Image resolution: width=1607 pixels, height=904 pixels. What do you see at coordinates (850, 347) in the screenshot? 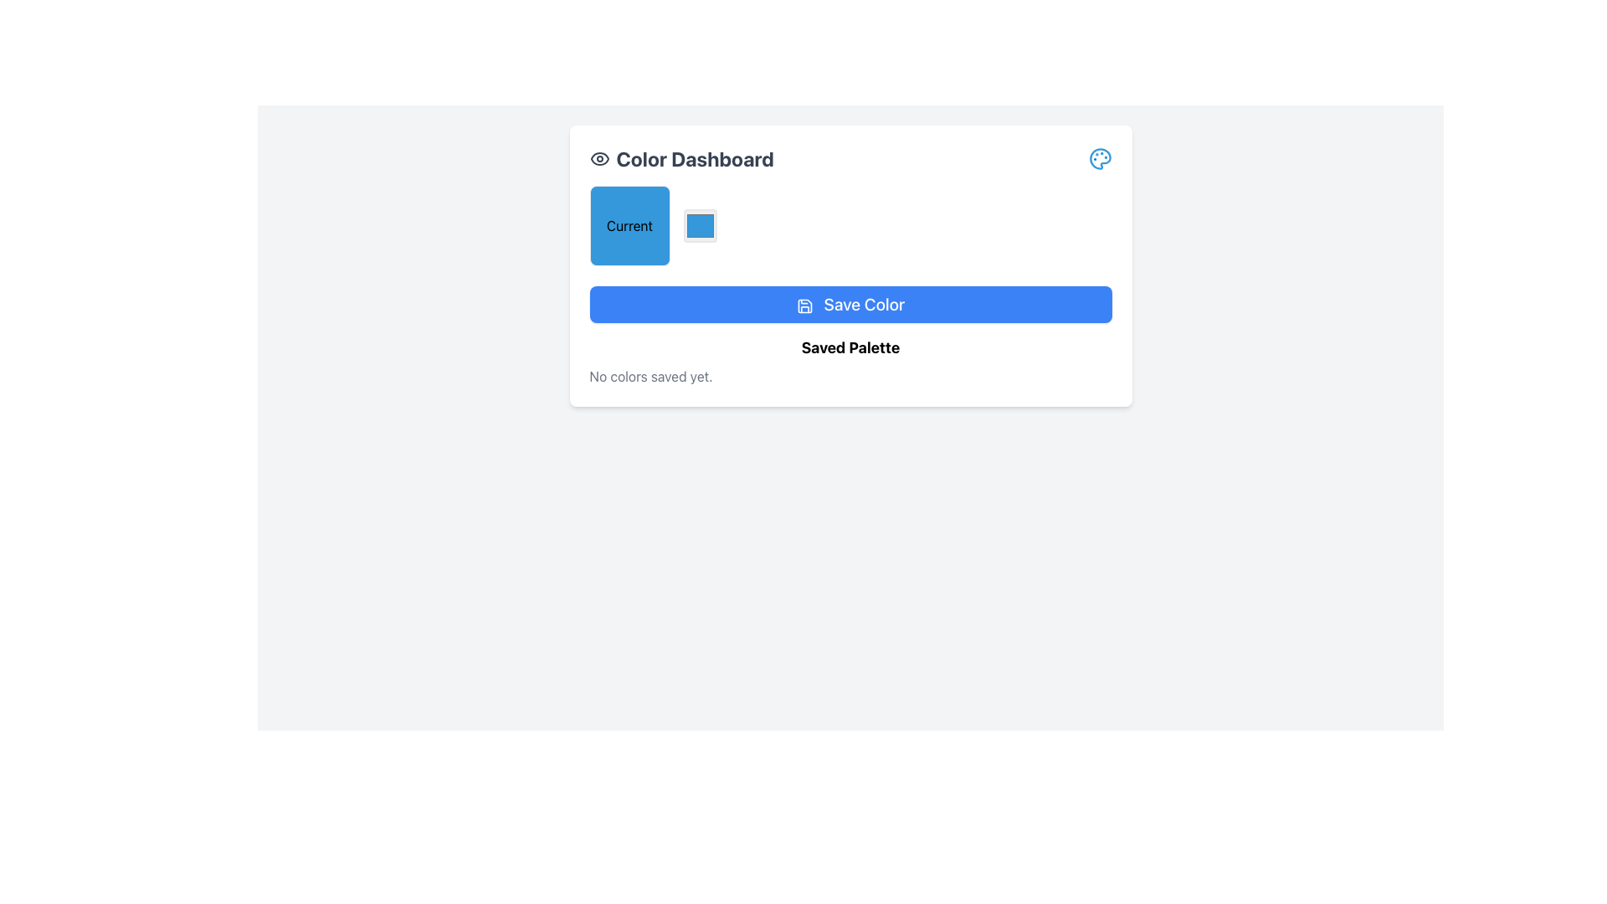
I see `the bold, large text label that reads 'Saved Palette', which is centrally aligned within a card-like component and is visually distinct from other text elements` at bounding box center [850, 347].